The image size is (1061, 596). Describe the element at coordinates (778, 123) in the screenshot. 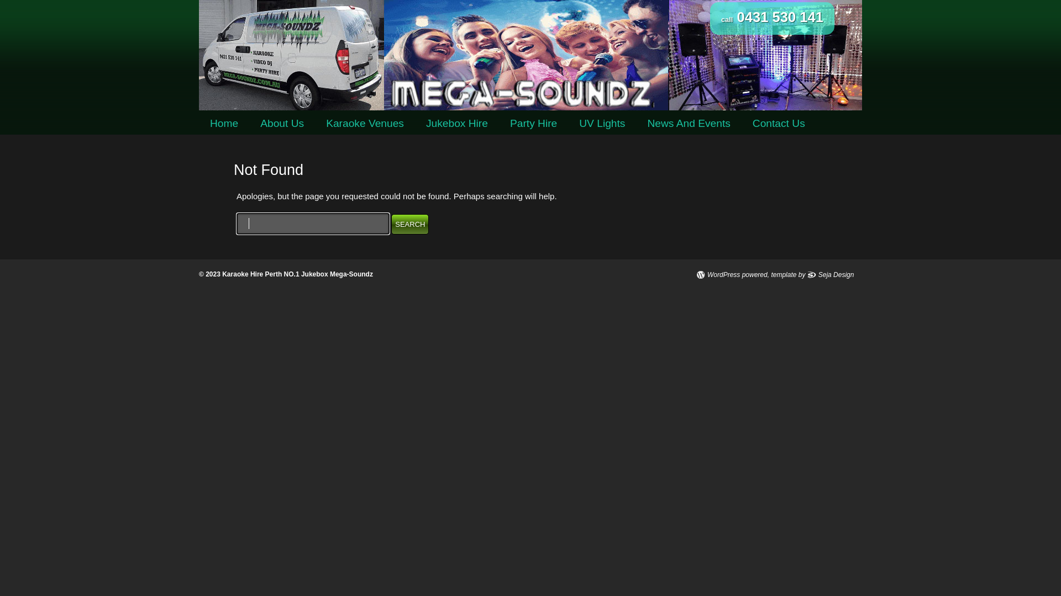

I see `'Contact Us'` at that location.